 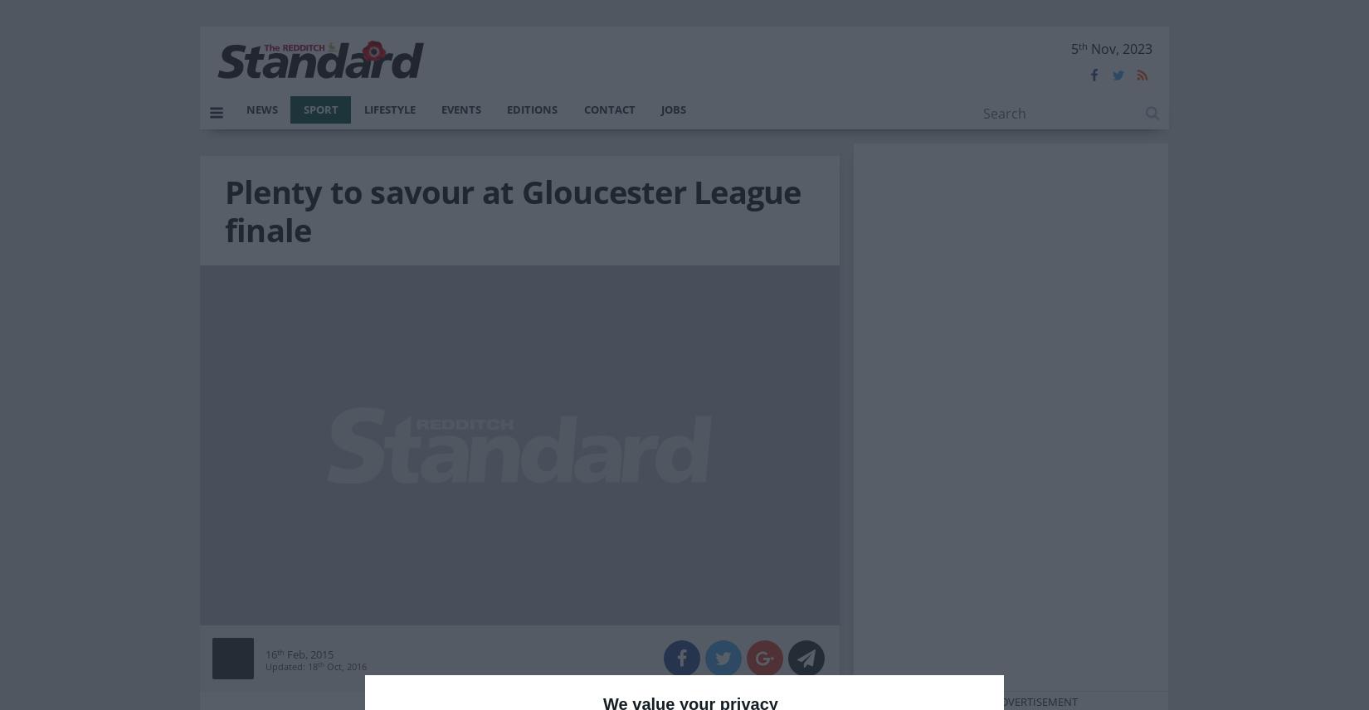 I want to click on 'Oct, 2016', so click(x=343, y=665).